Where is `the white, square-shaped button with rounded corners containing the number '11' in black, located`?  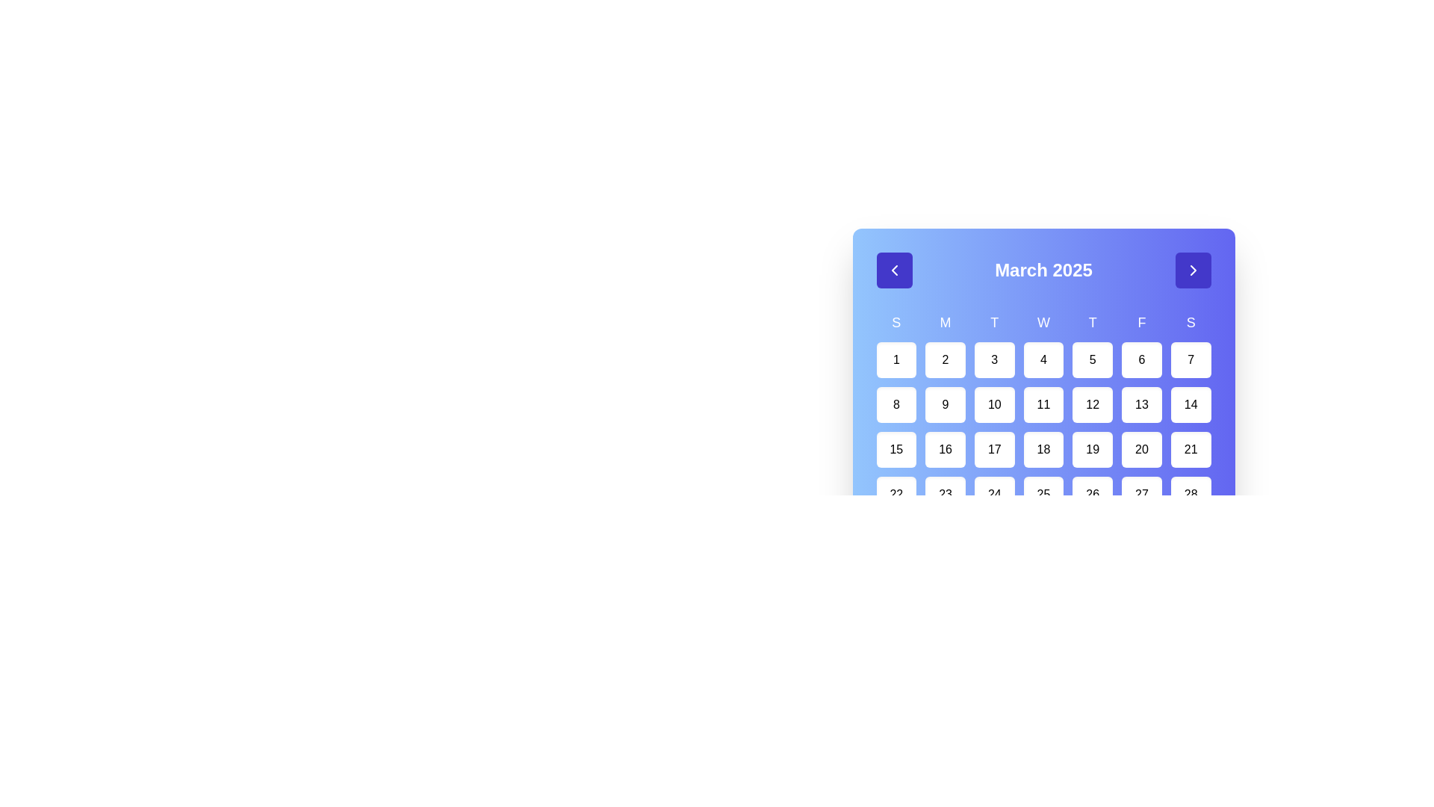
the white, square-shaped button with rounded corners containing the number '11' in black, located is located at coordinates (1043, 405).